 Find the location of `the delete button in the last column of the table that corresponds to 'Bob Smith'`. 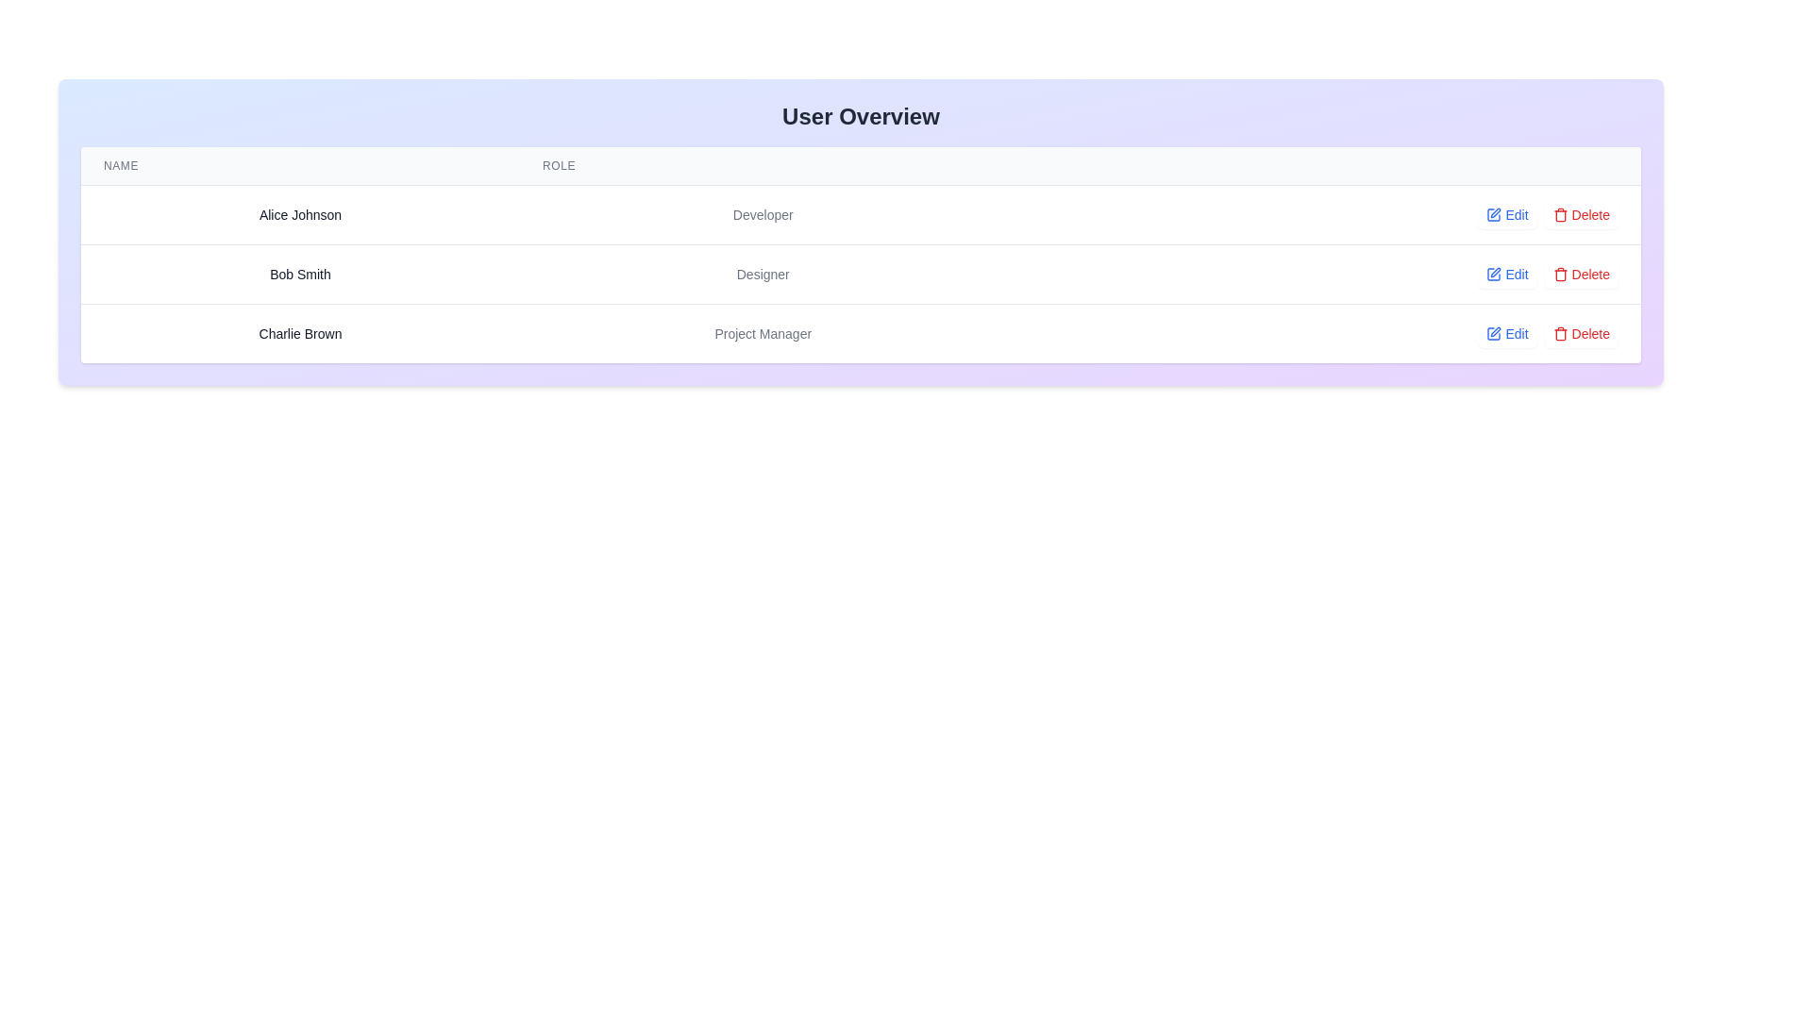

the delete button in the last column of the table that corresponds to 'Bob Smith' is located at coordinates (1581, 213).